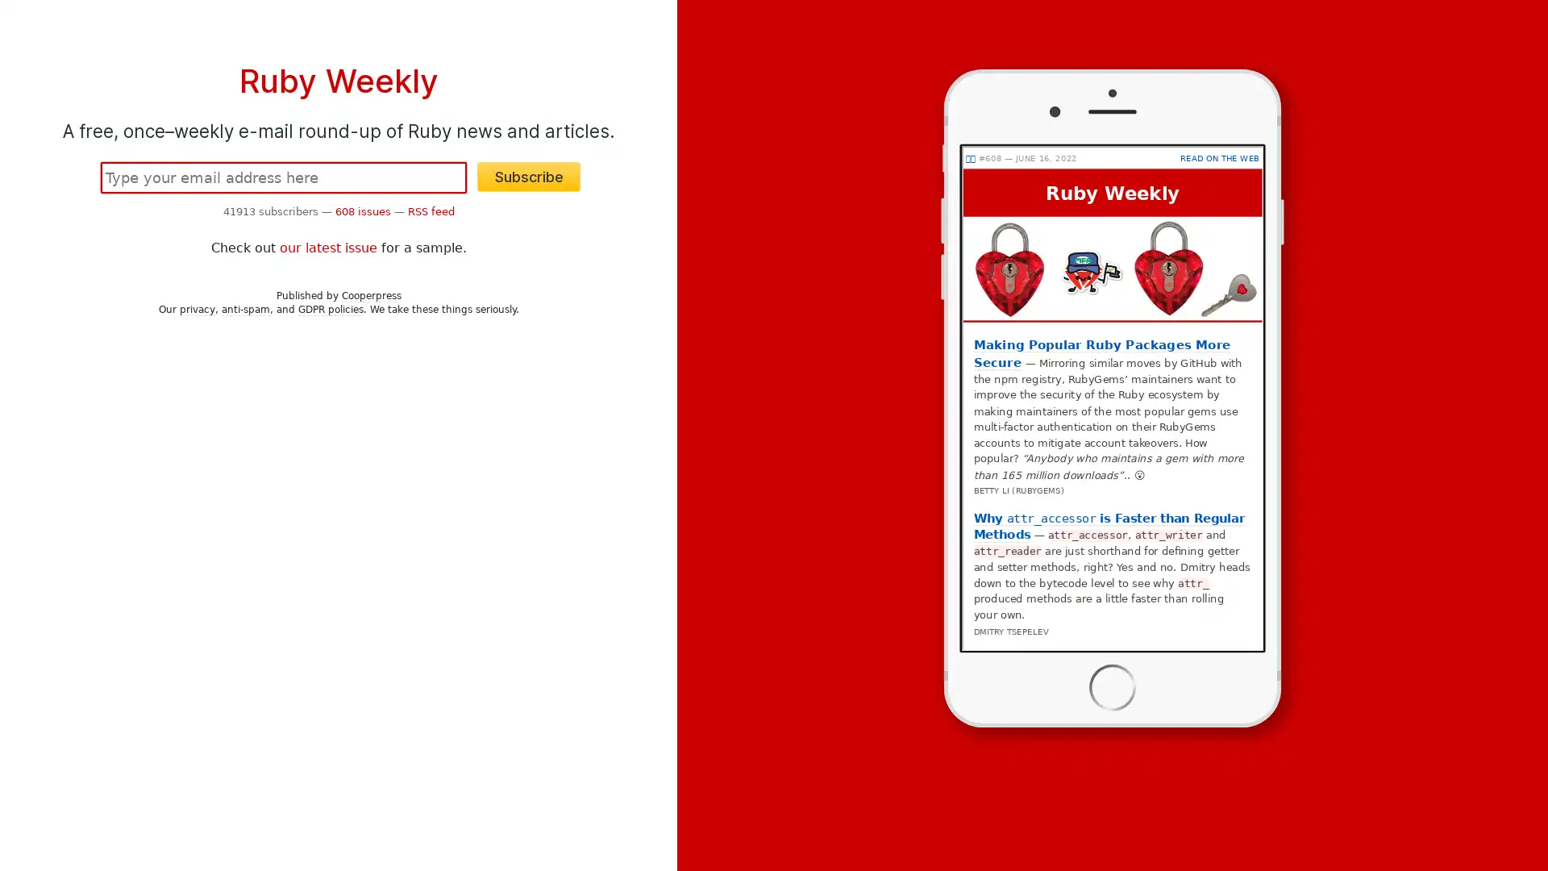  I want to click on Subscribe, so click(529, 177).